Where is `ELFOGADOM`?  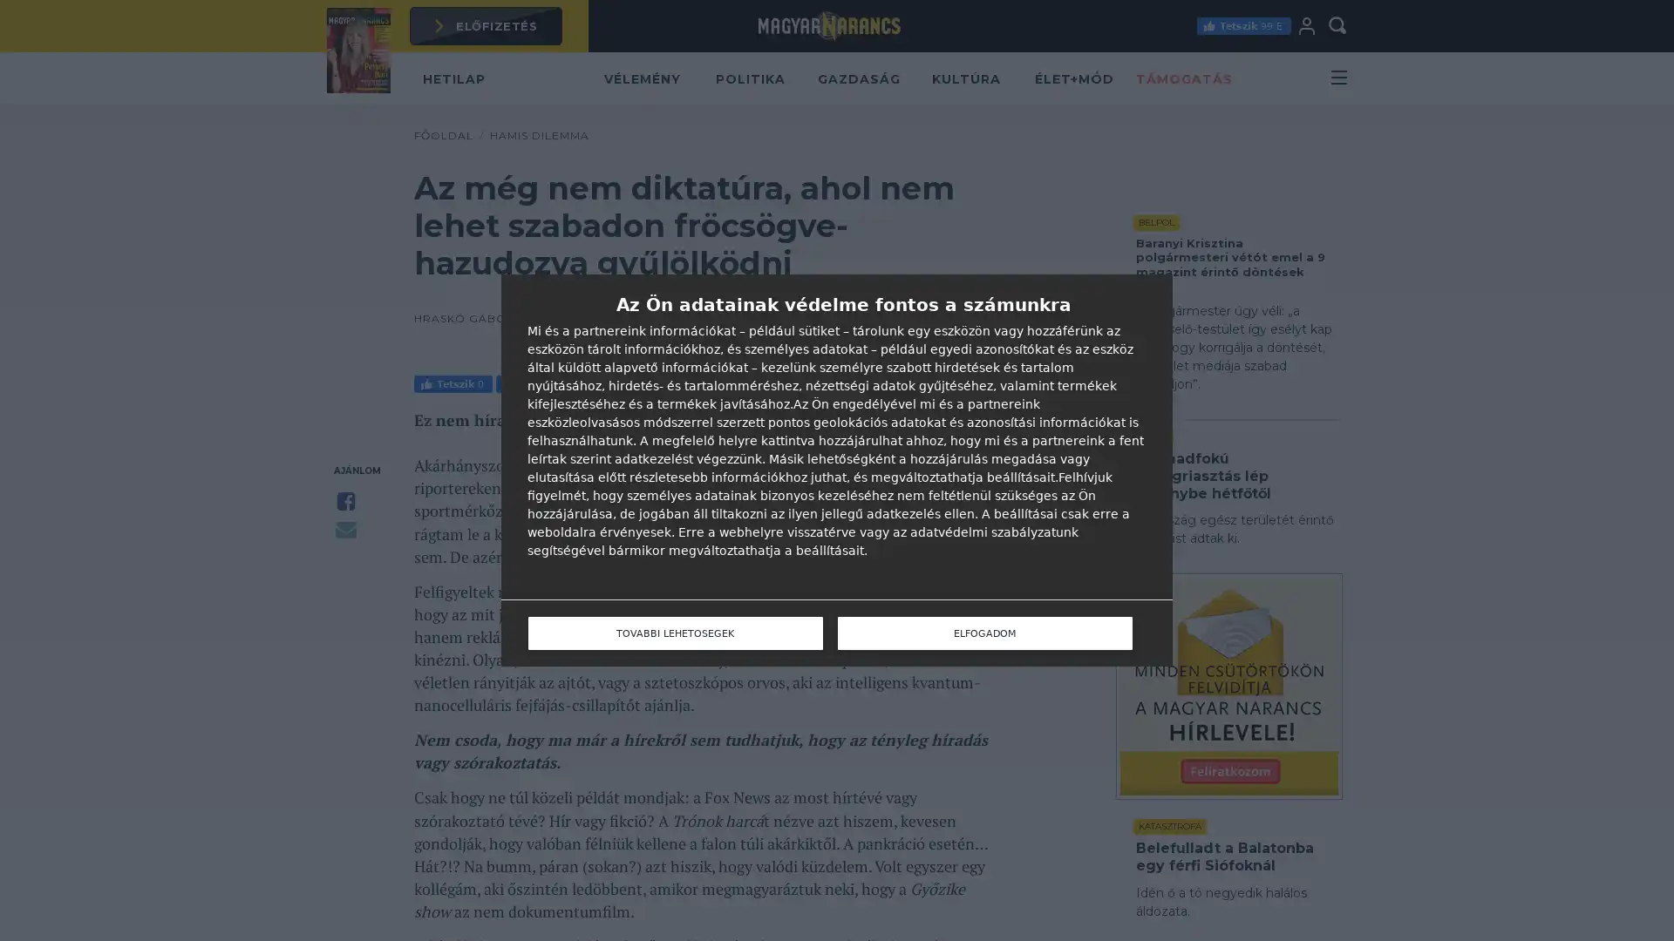 ELFOGADOM is located at coordinates (984, 633).